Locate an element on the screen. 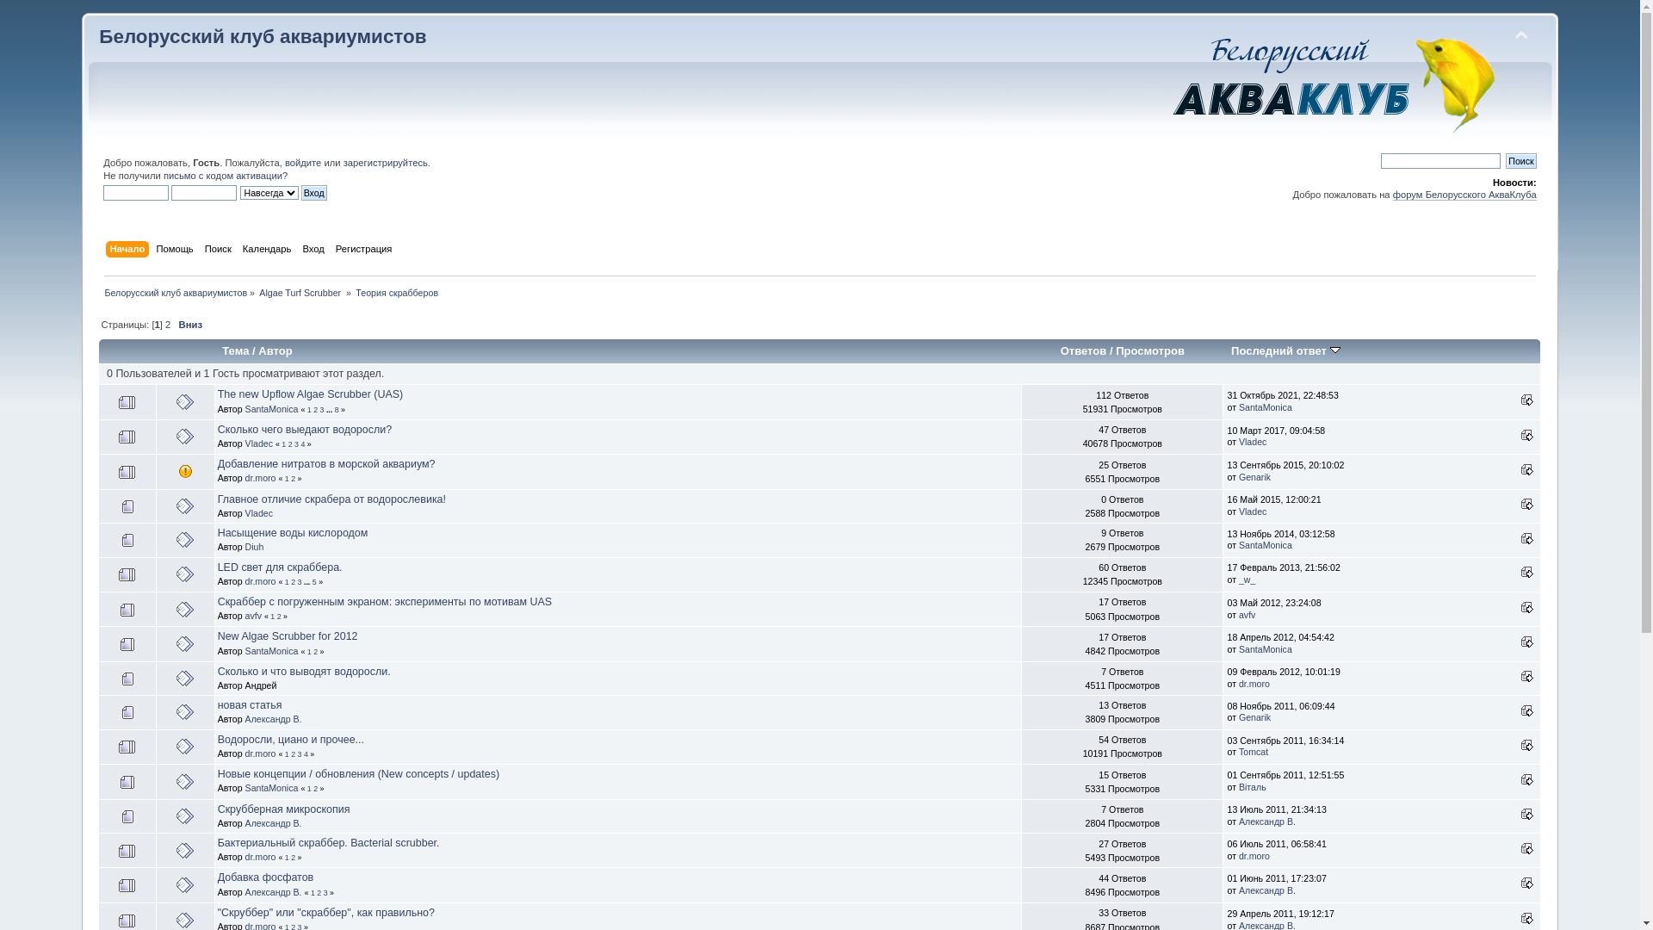 This screenshot has height=930, width=1653. '4' is located at coordinates (302, 443).